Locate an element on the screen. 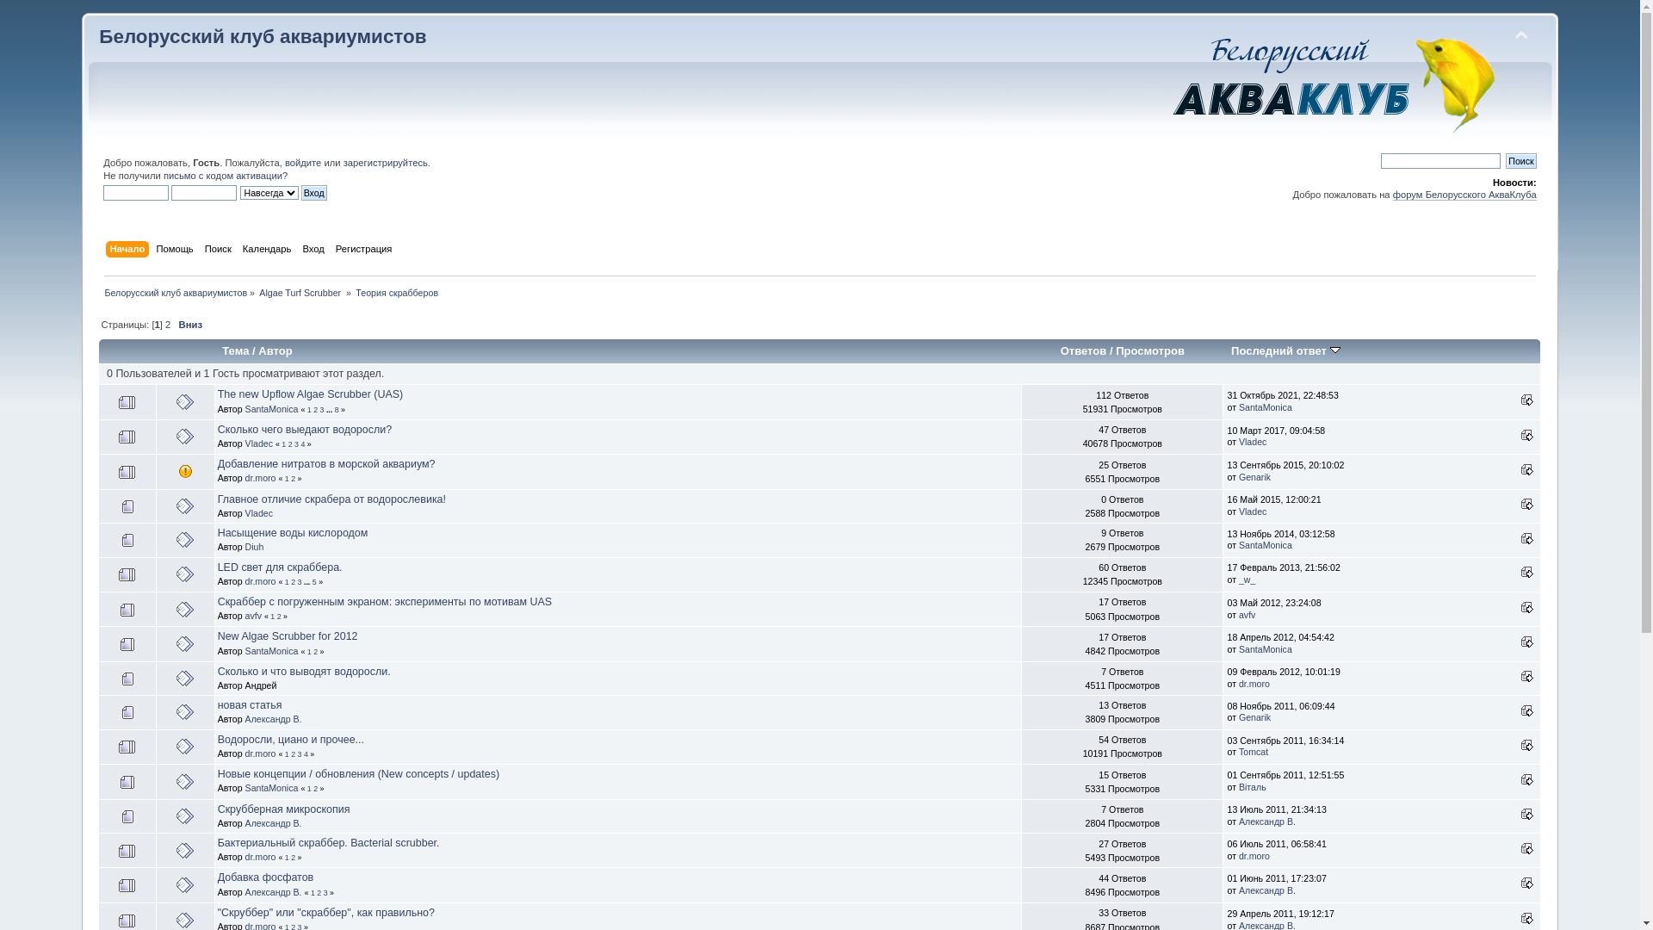 This screenshot has height=930, width=1653. '4' is located at coordinates (302, 443).